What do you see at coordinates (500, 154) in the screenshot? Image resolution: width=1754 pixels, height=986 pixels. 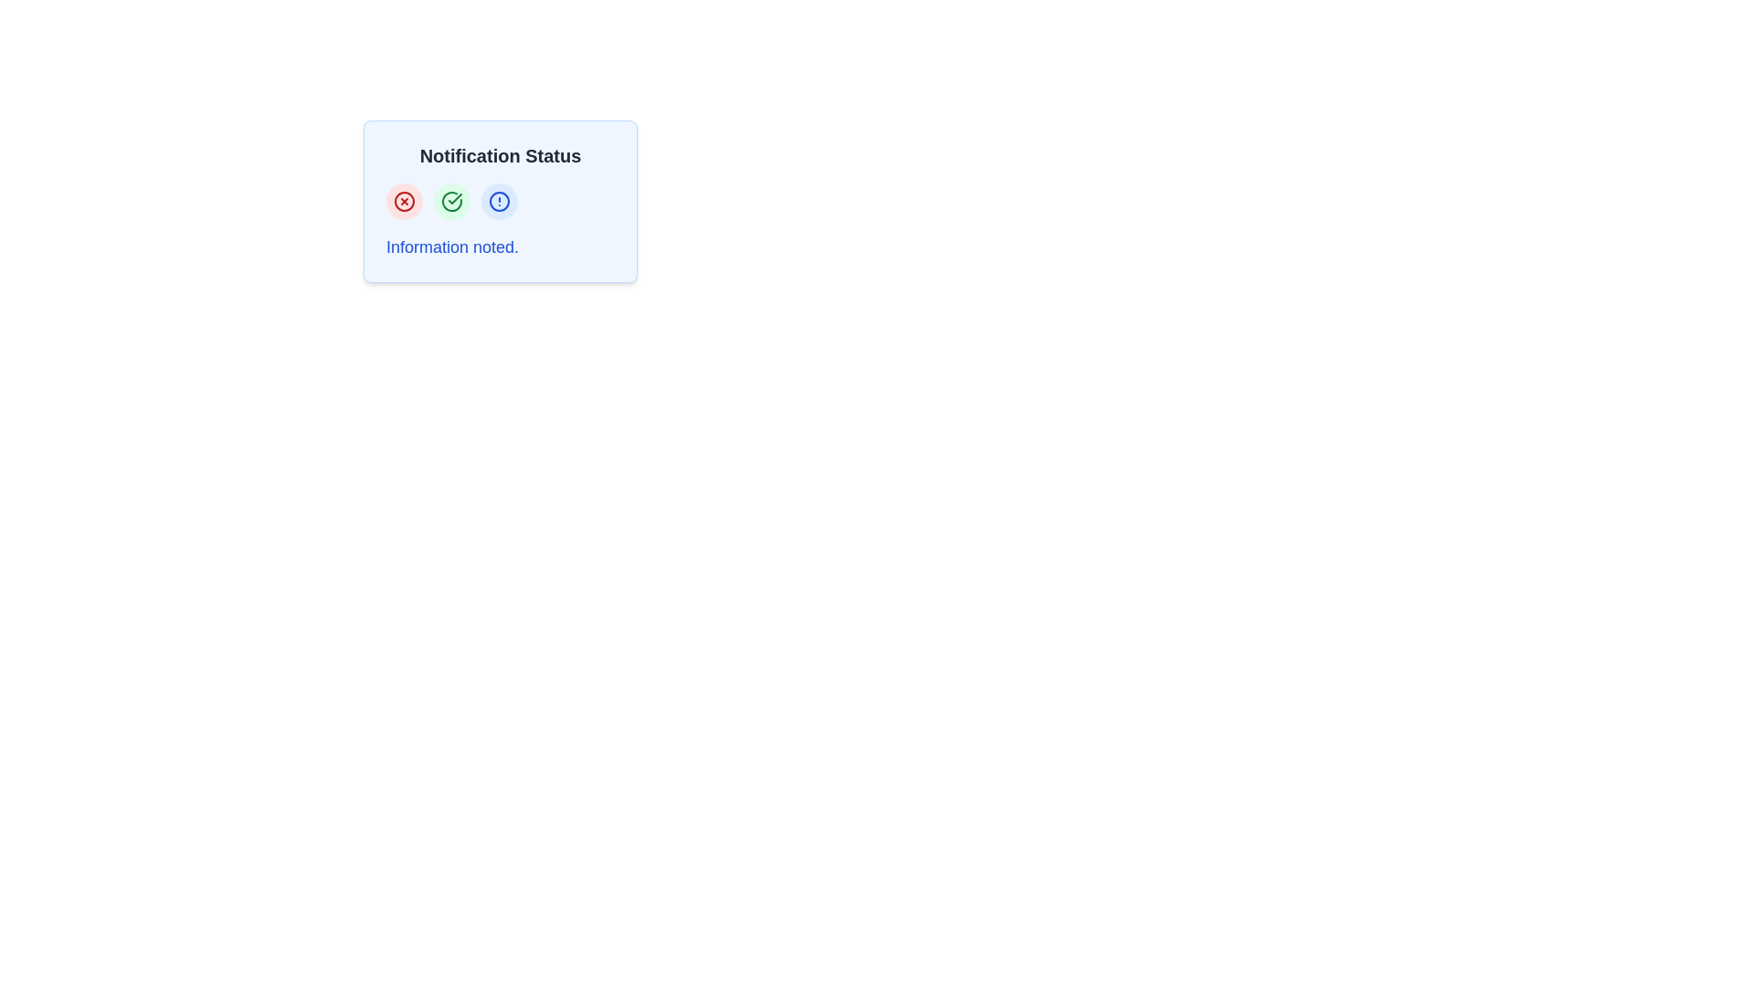 I see `the static text label that serves as the title or header for the notification card, positioned at the top of the card` at bounding box center [500, 154].